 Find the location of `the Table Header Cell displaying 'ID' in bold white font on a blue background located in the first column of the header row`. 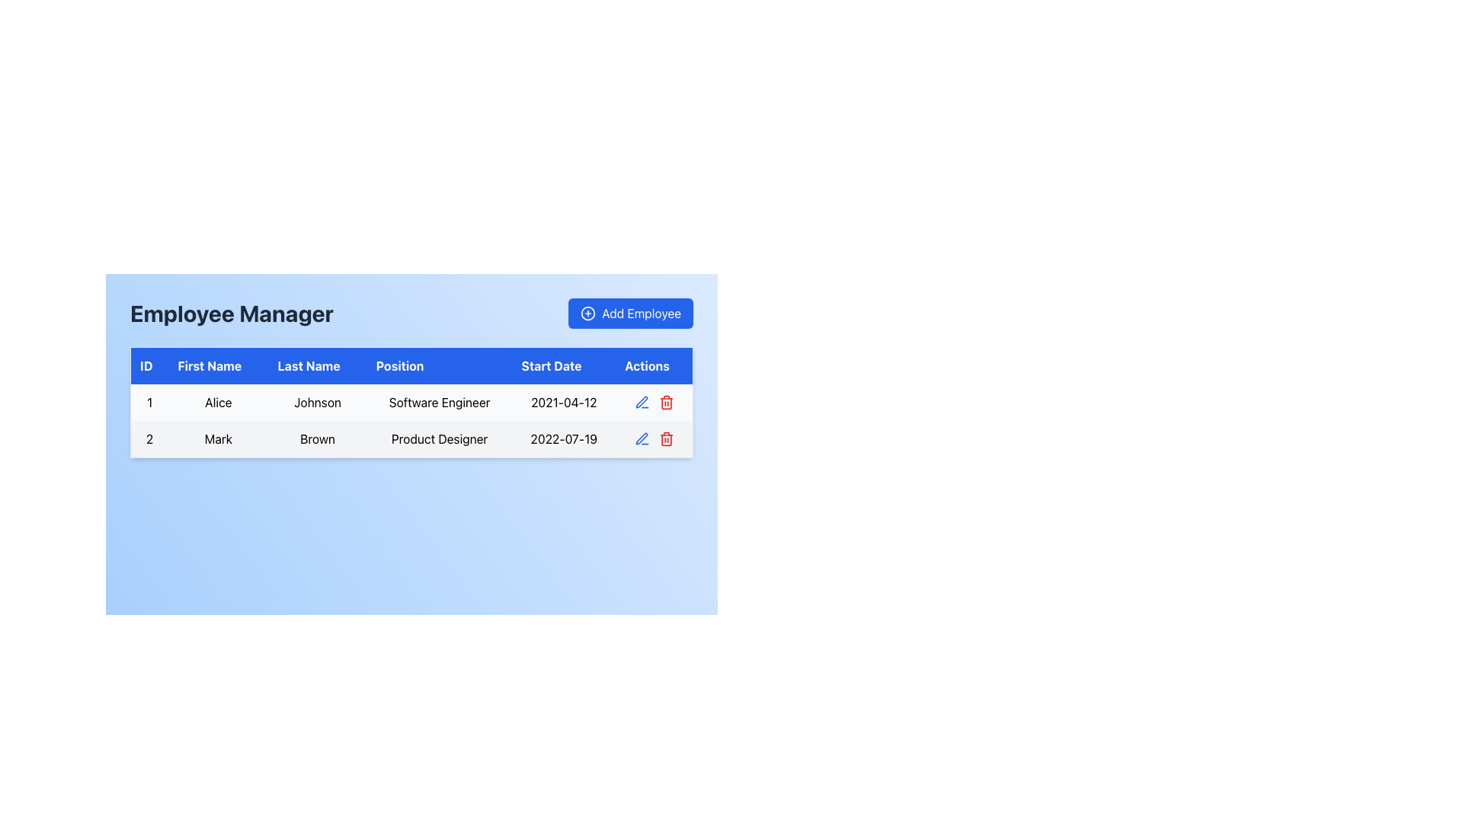

the Table Header Cell displaying 'ID' in bold white font on a blue background located in the first column of the header row is located at coordinates (149, 365).